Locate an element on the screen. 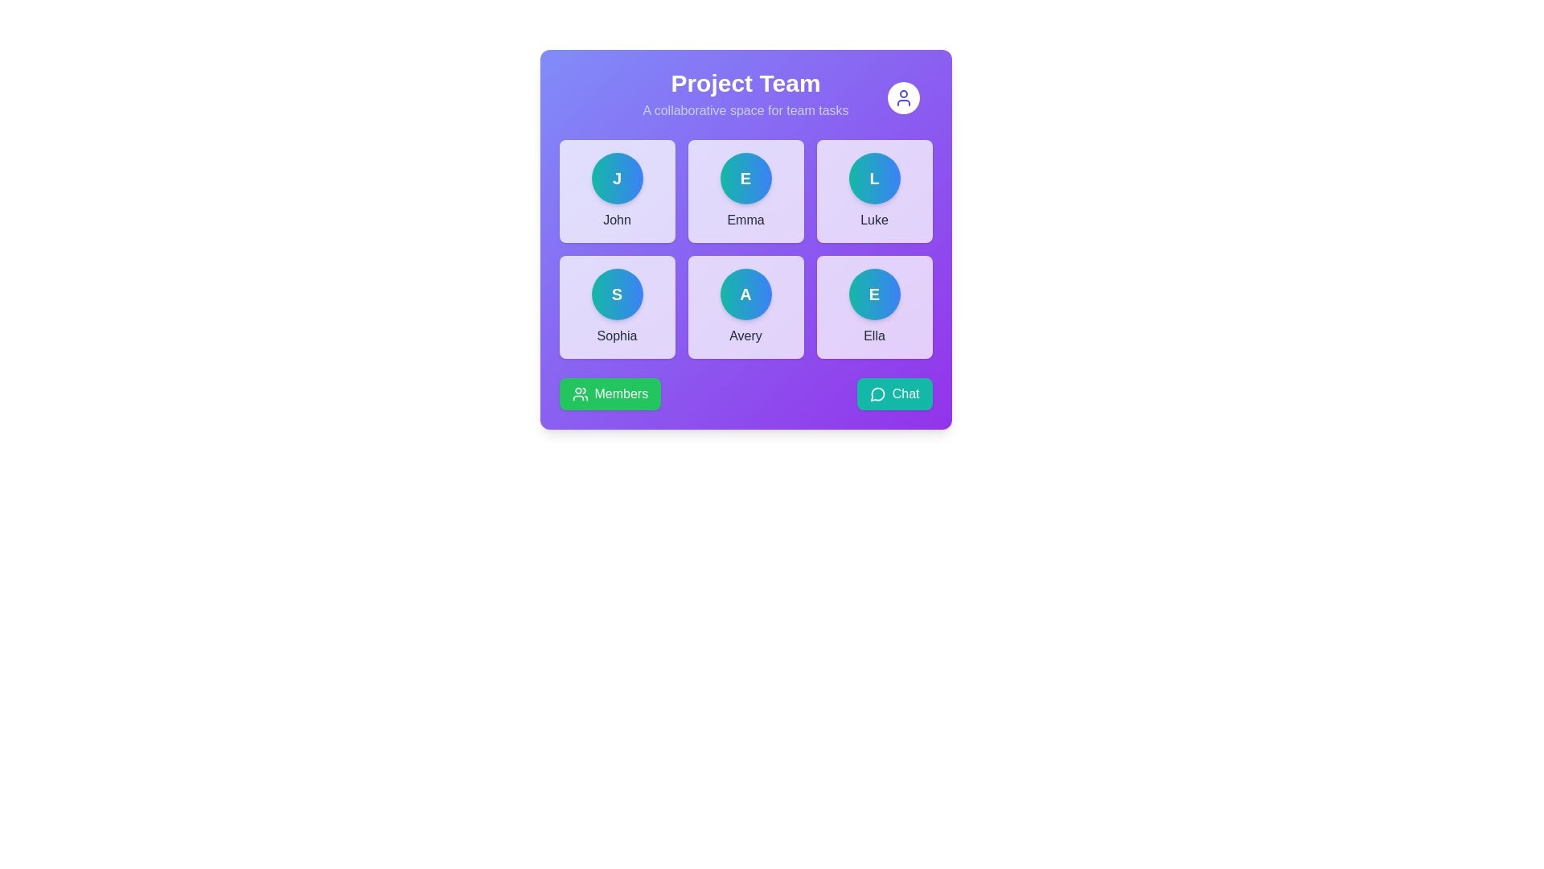 This screenshot has height=869, width=1544. the Profile card representing team member 'Ella' is located at coordinates (873, 307).